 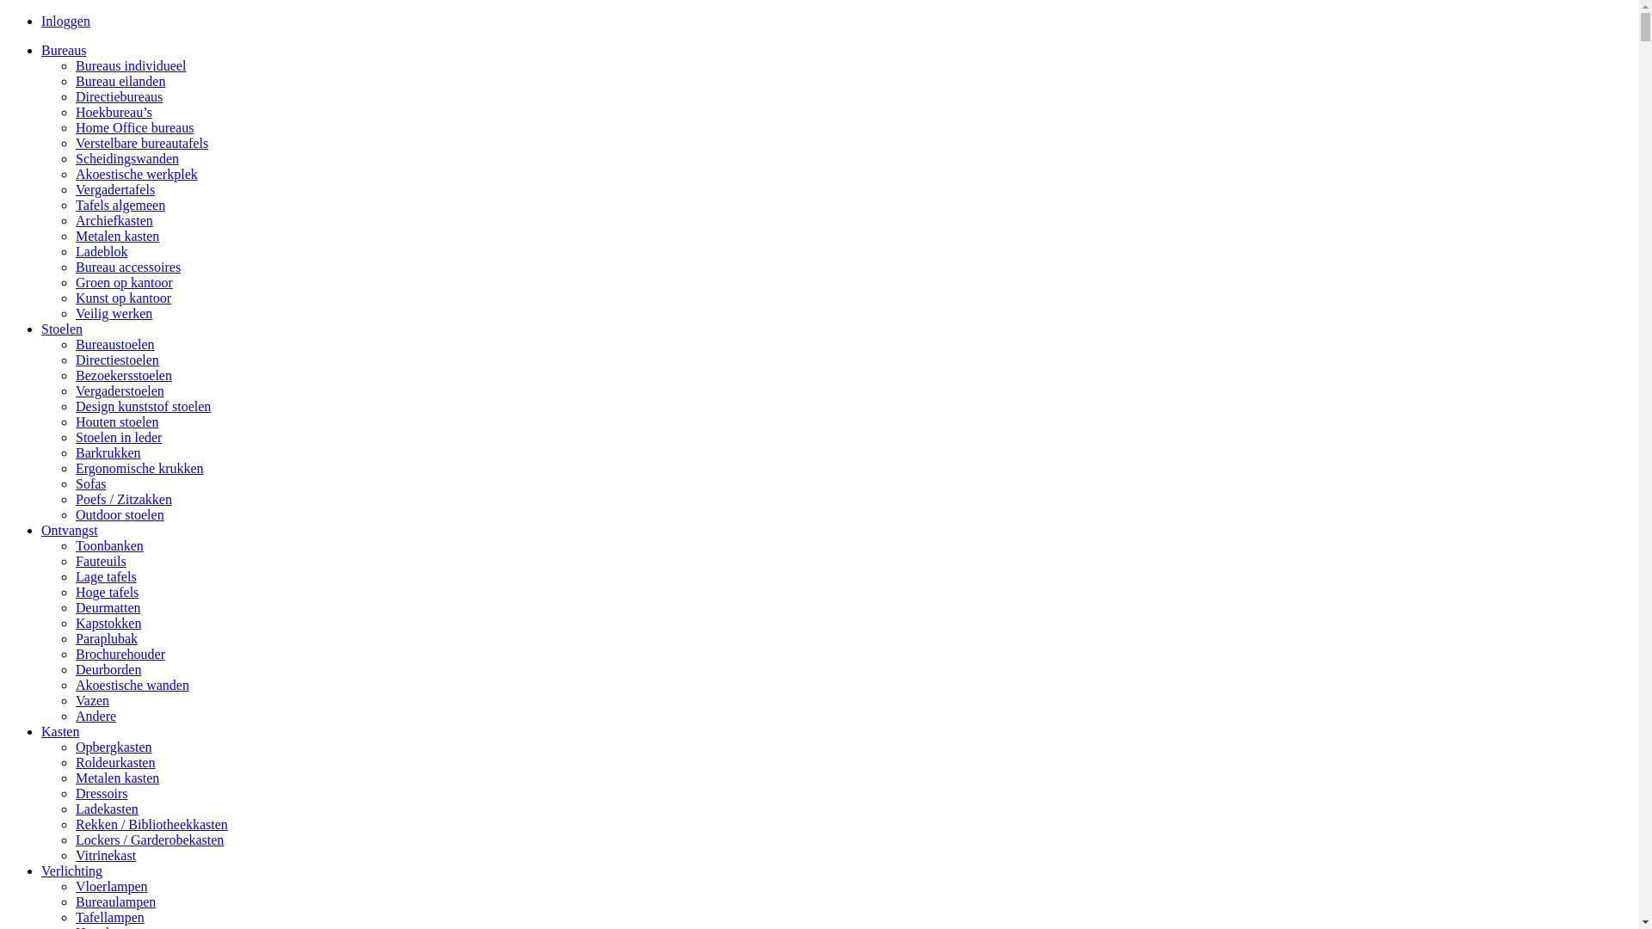 What do you see at coordinates (101, 793) in the screenshot?
I see `'Dressoirs'` at bounding box center [101, 793].